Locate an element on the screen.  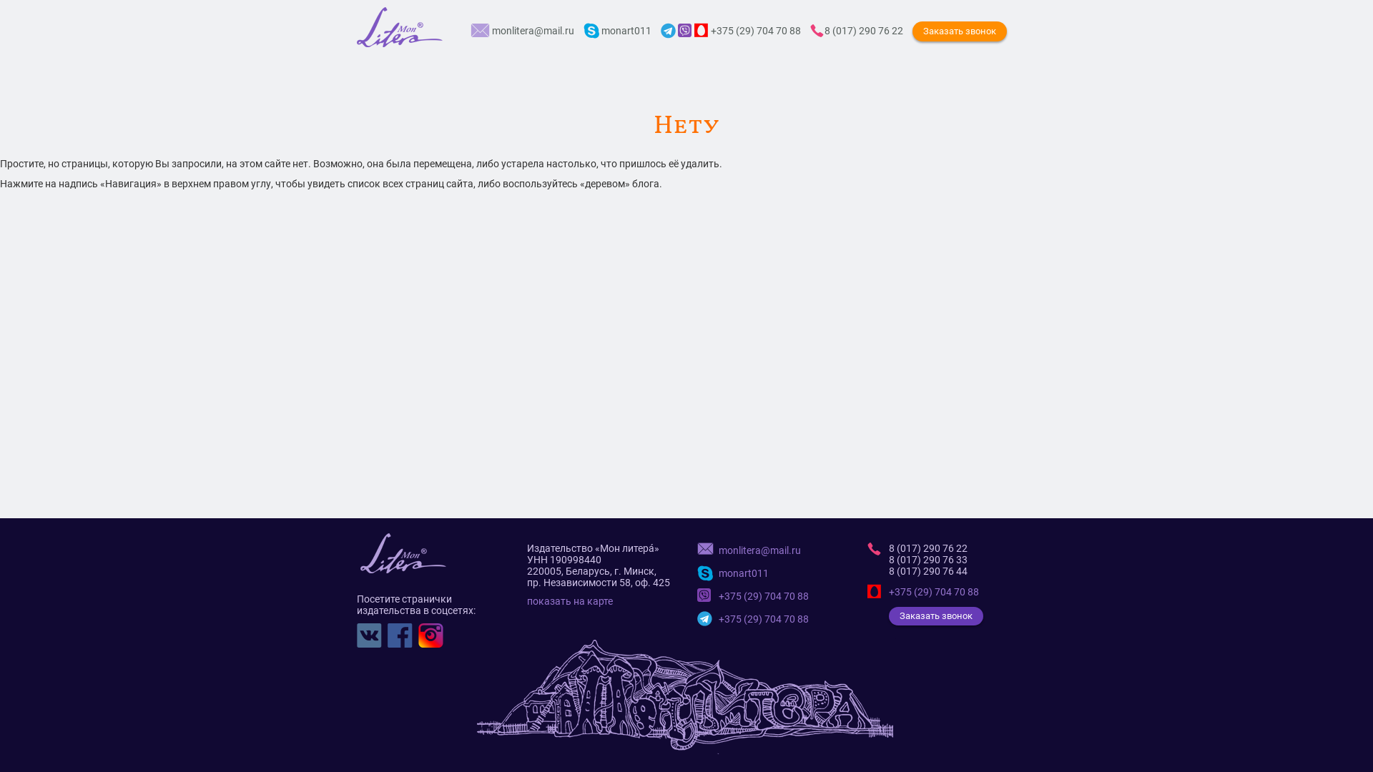
'monlitera@mail.ru' is located at coordinates (697, 550).